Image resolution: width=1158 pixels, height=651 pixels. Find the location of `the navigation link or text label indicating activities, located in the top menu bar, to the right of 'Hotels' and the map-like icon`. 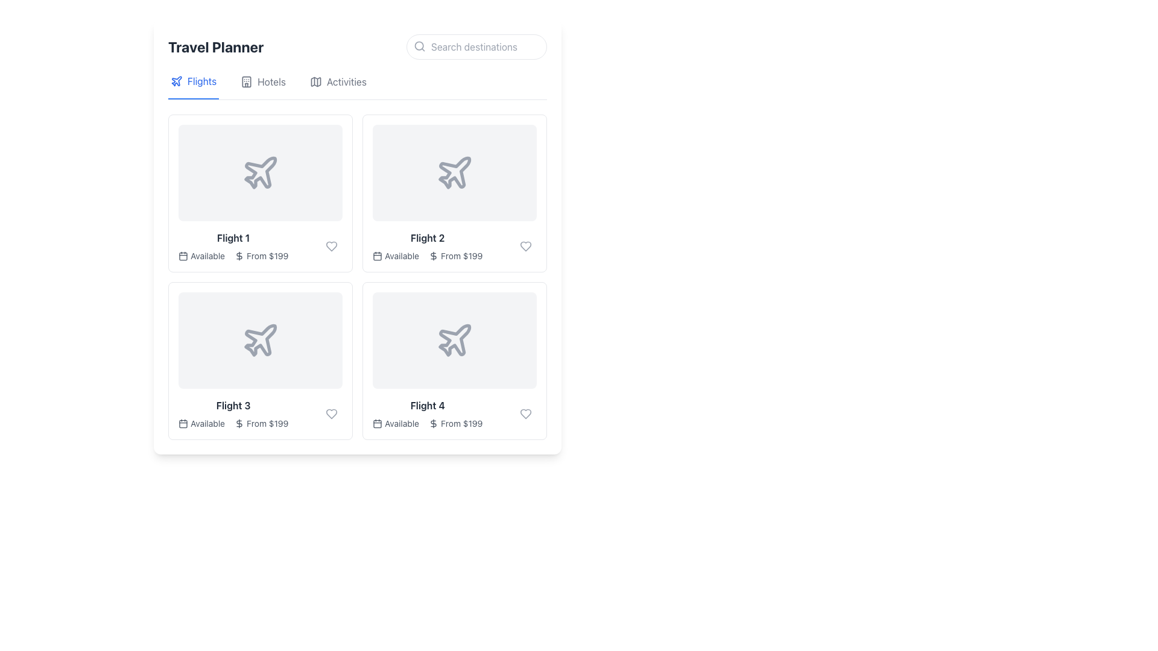

the navigation link or text label indicating activities, located in the top menu bar, to the right of 'Hotels' and the map-like icon is located at coordinates (346, 81).